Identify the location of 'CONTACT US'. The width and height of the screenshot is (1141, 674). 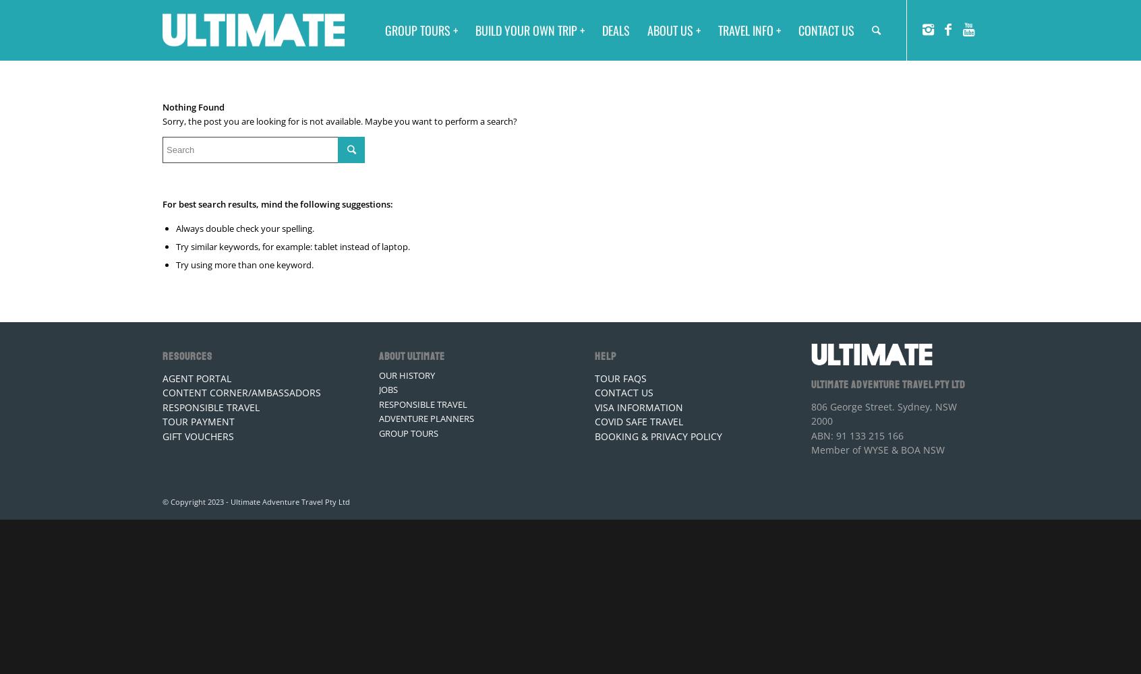
(594, 392).